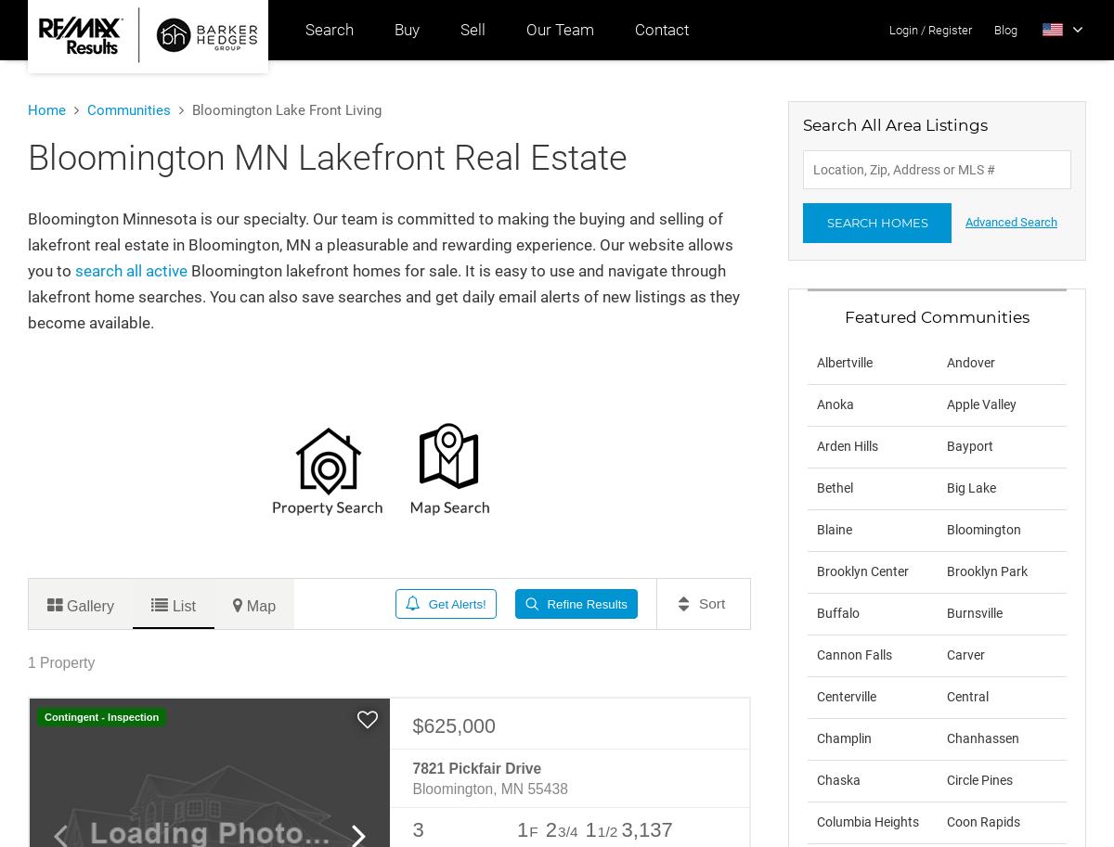  I want to click on '3/4', so click(567, 830).